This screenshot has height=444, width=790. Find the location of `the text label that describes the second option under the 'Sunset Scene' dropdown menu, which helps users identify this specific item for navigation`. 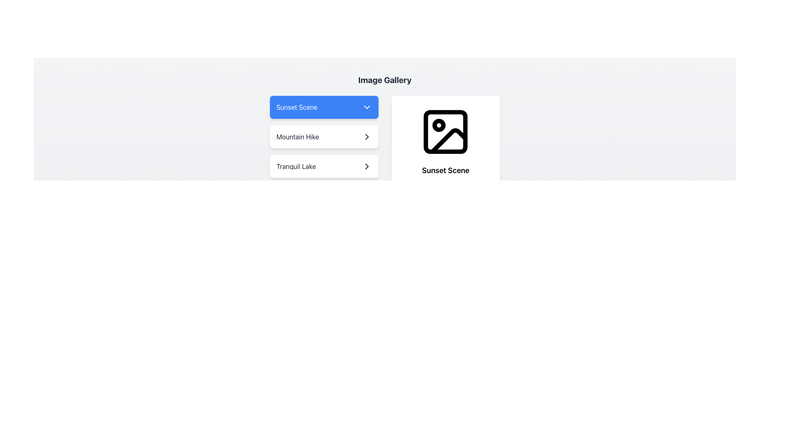

the text label that describes the second option under the 'Sunset Scene' dropdown menu, which helps users identify this specific item for navigation is located at coordinates (297, 136).